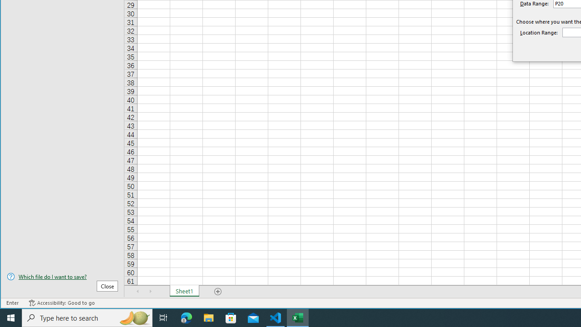 Image resolution: width=581 pixels, height=327 pixels. I want to click on 'Accessibility Checker Accessibility: Good to go', so click(61, 303).